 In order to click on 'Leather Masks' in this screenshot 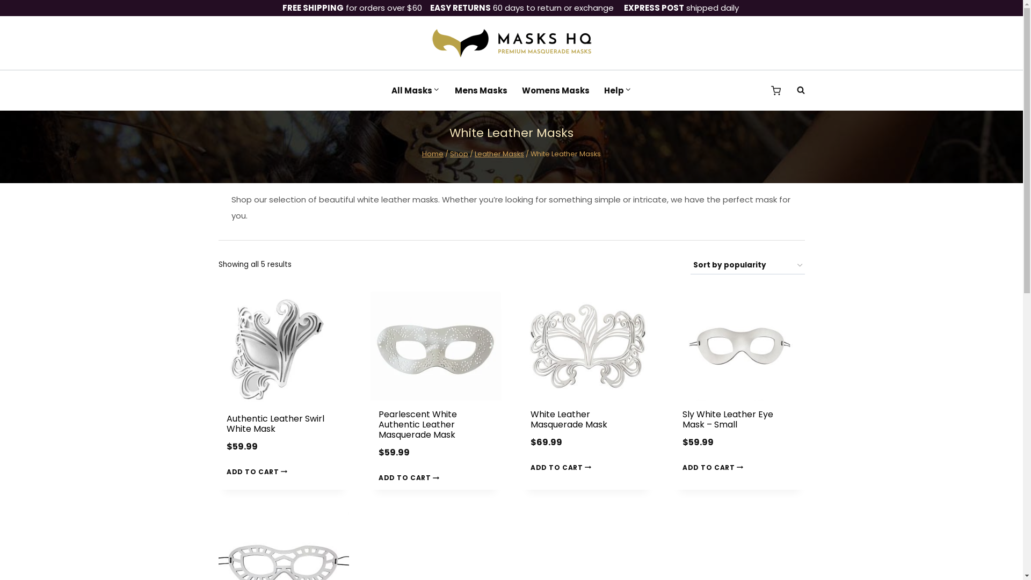, I will do `click(499, 154)`.